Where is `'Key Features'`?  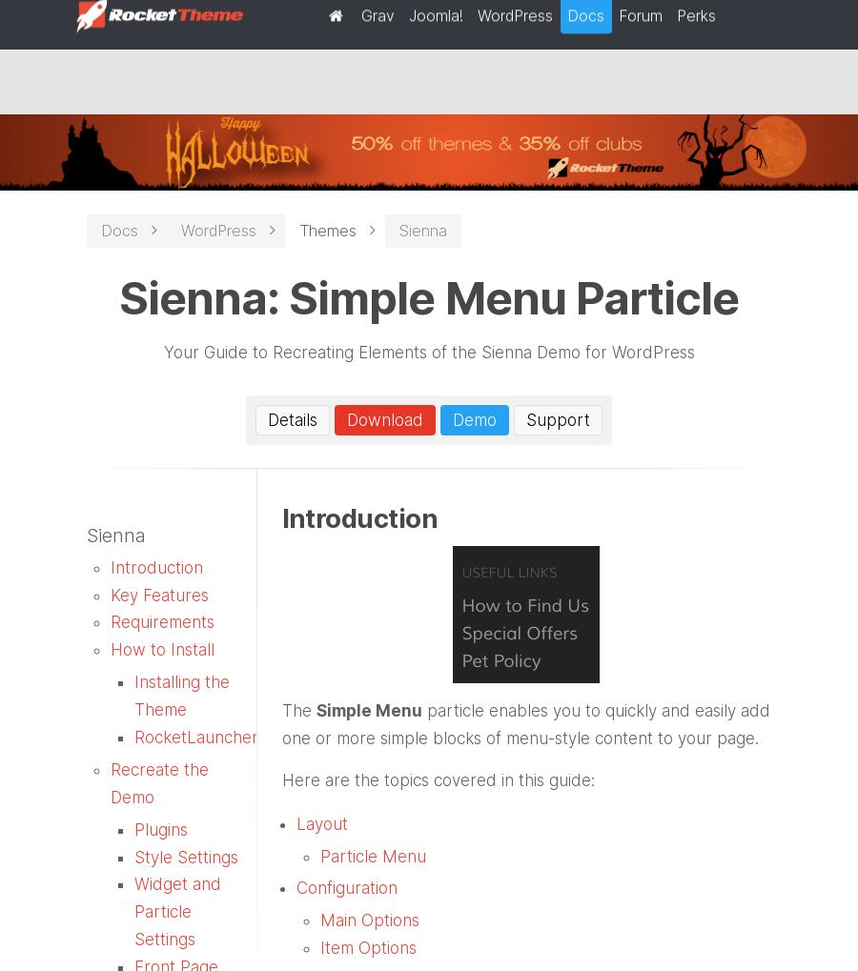 'Key Features' is located at coordinates (159, 595).